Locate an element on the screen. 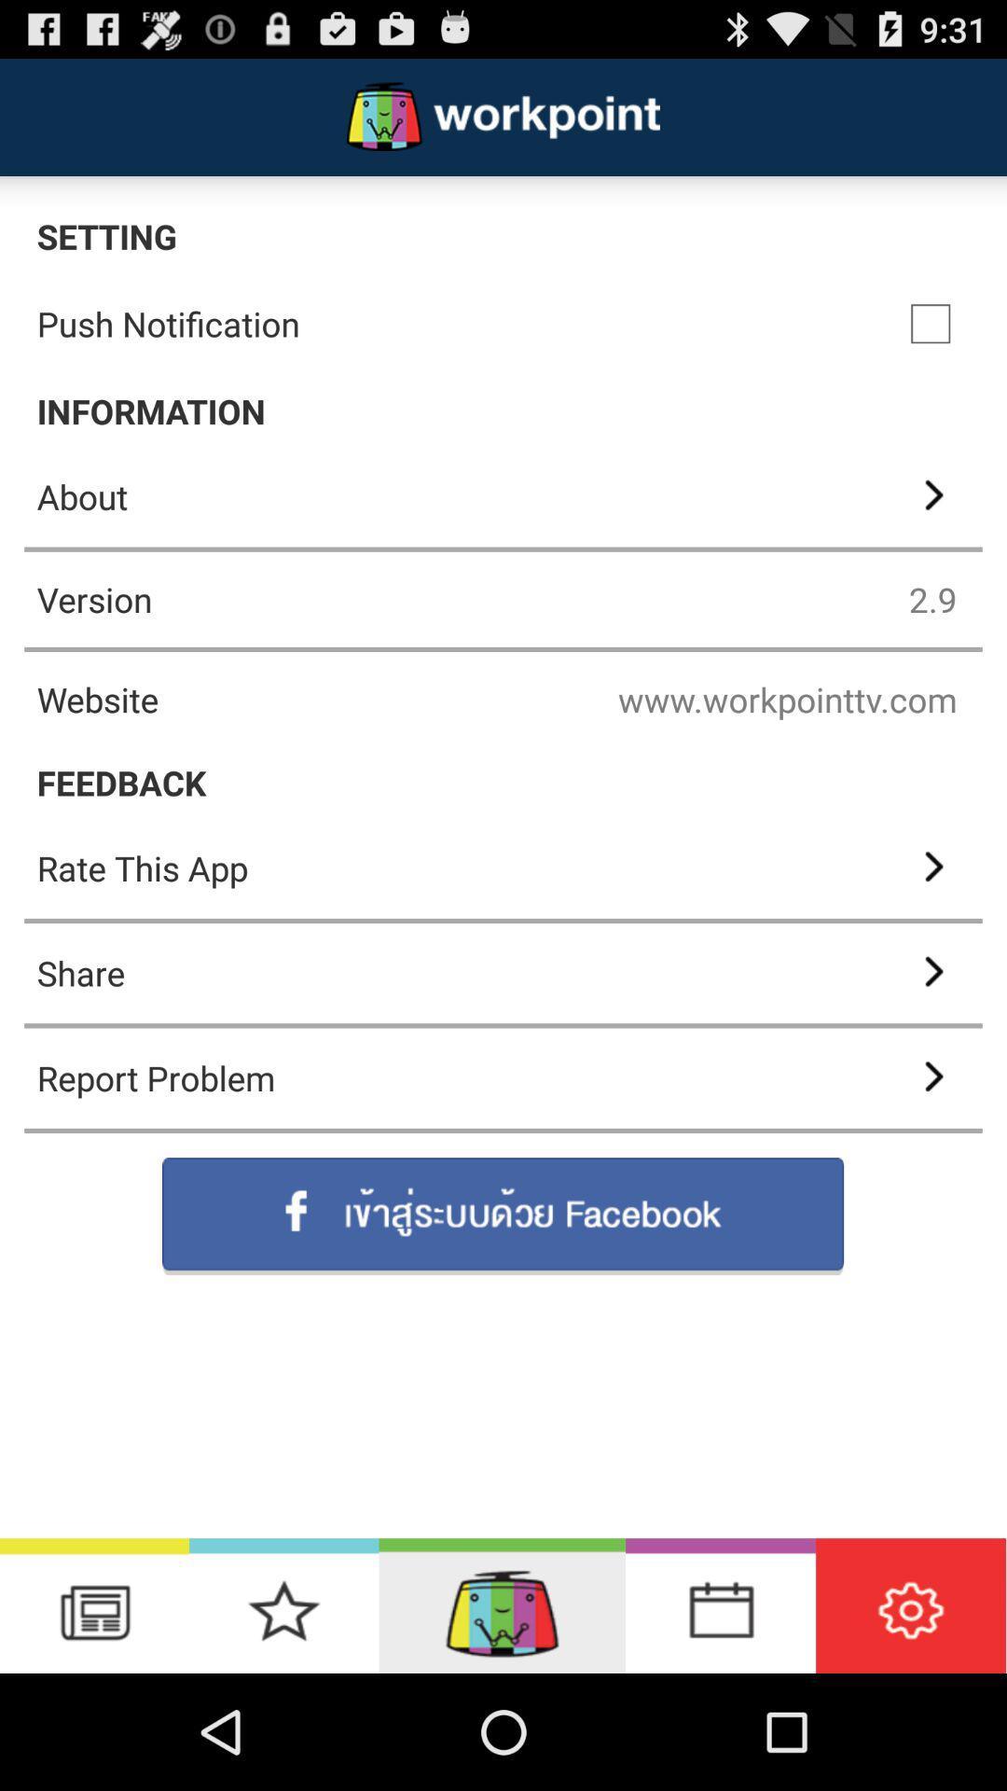 This screenshot has width=1007, height=1791. open secound tab in the bottom is located at coordinates (283, 1604).